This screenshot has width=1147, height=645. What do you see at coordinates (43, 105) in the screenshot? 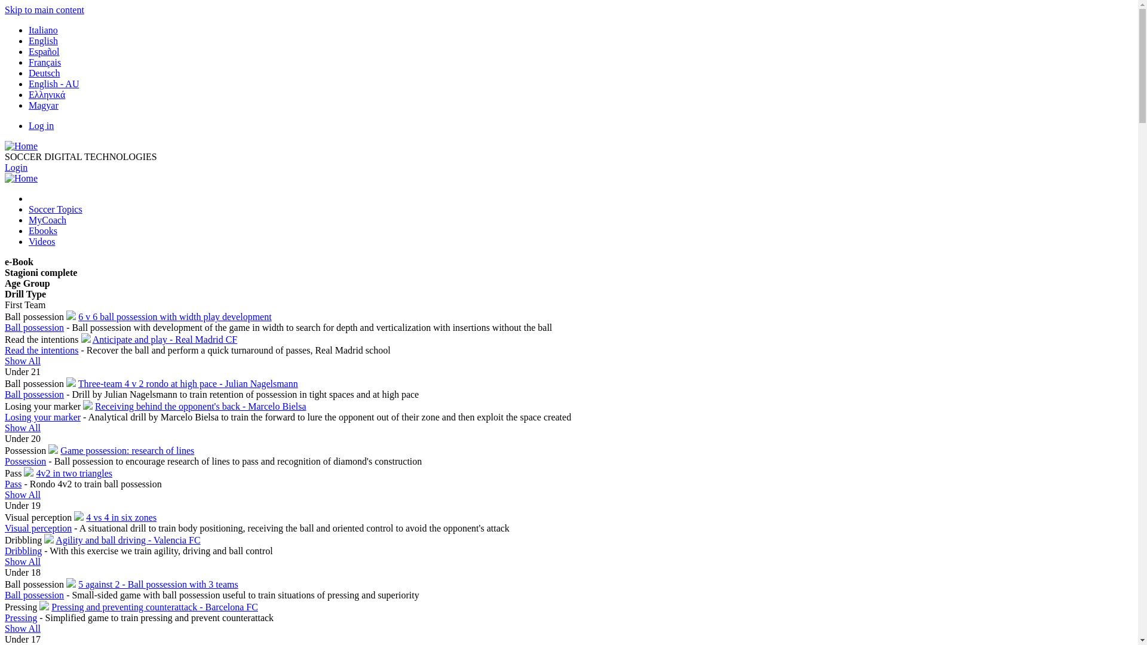
I see `'Magyar'` at bounding box center [43, 105].